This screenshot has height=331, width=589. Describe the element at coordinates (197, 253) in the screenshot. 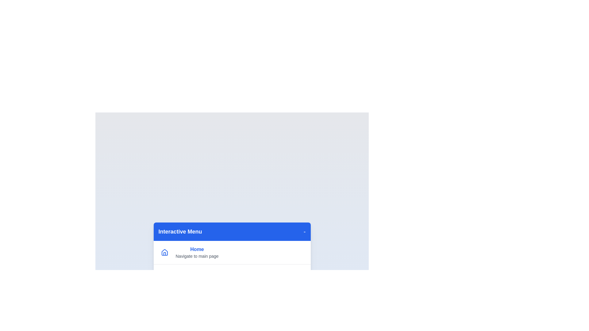

I see `the menu item Home by clicking on it` at that location.